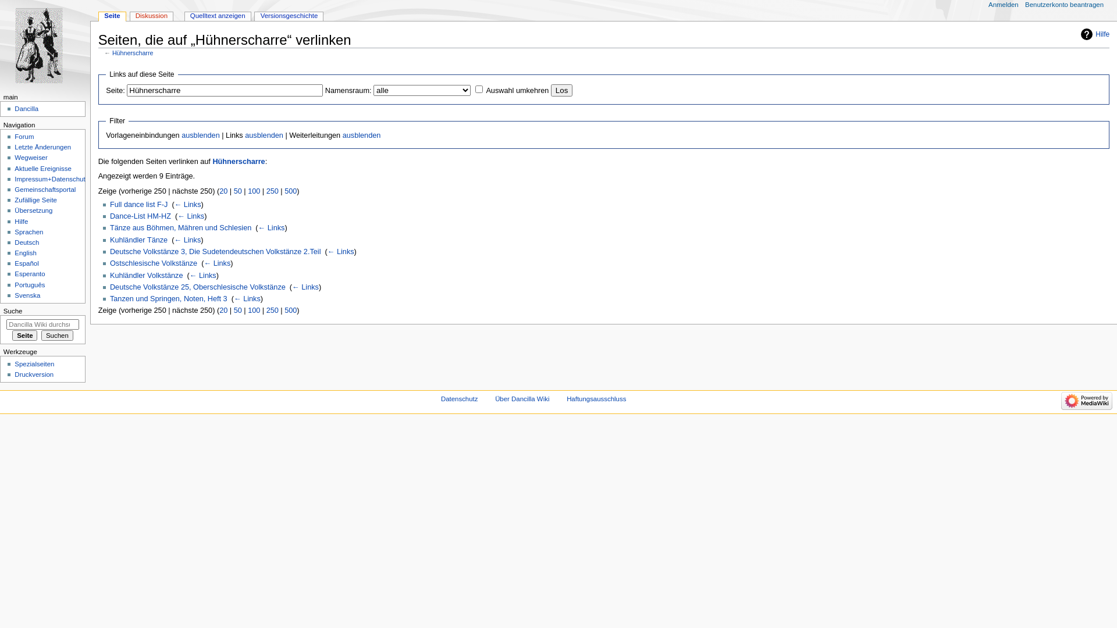 This screenshot has width=1117, height=628. I want to click on 'Deutsch', so click(27, 241).